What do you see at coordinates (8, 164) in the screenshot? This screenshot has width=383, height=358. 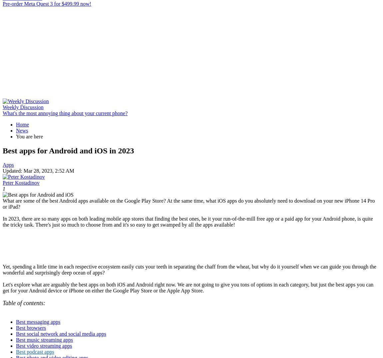 I see `'Apps'` at bounding box center [8, 164].